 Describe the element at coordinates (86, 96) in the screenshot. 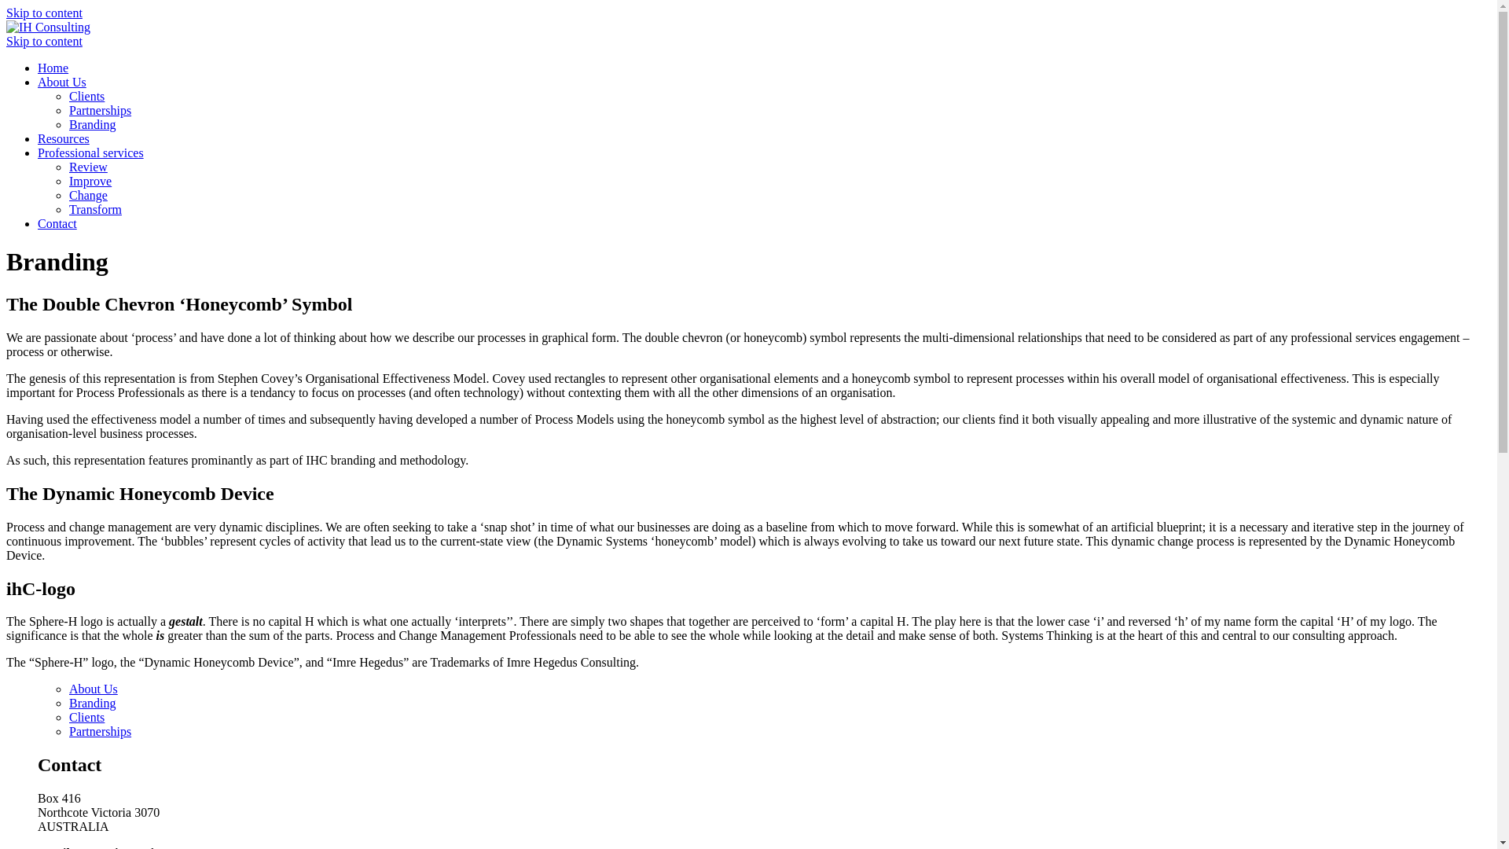

I see `'Clients'` at that location.